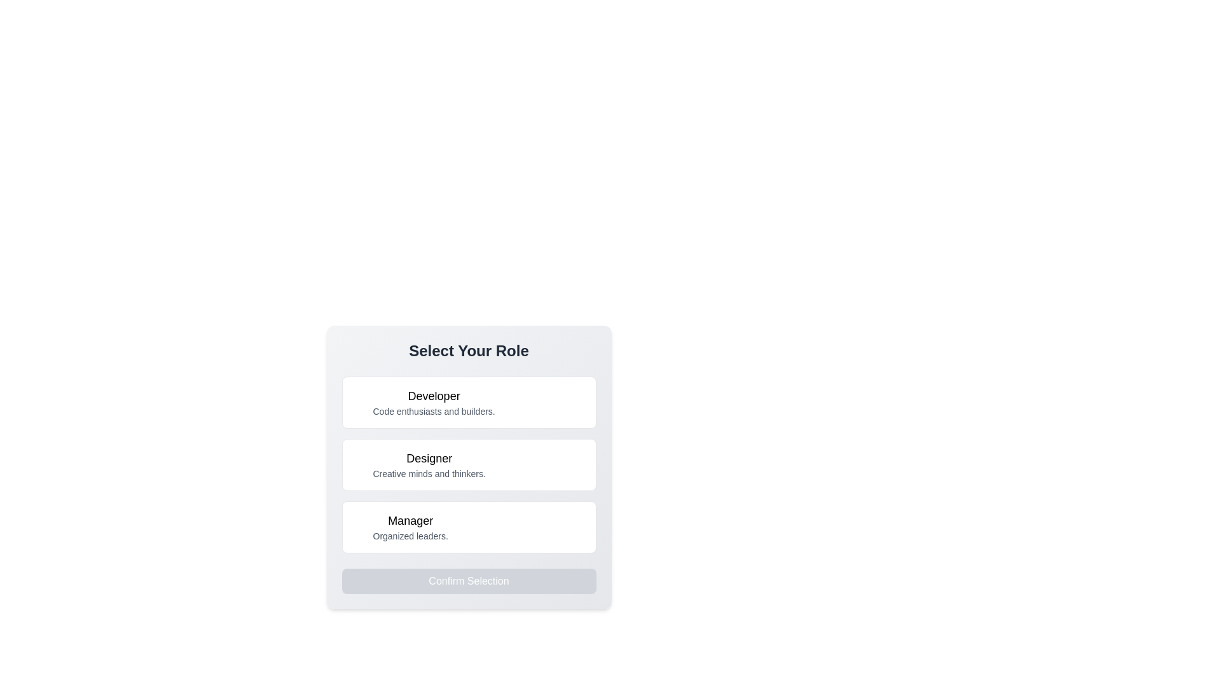  Describe the element at coordinates (434, 396) in the screenshot. I see `the 'Developer' title label, which is styled in large, bold font and located in a role selection interface above the descriptive text` at that location.